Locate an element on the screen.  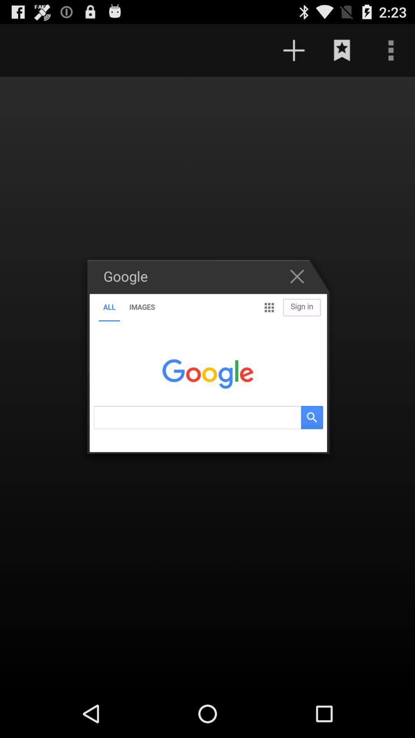
the bookmark icon is located at coordinates (342, 53).